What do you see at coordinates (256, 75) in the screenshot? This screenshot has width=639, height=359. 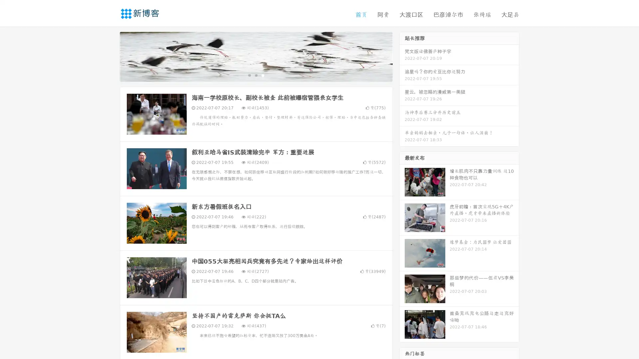 I see `Go to slide 2` at bounding box center [256, 75].